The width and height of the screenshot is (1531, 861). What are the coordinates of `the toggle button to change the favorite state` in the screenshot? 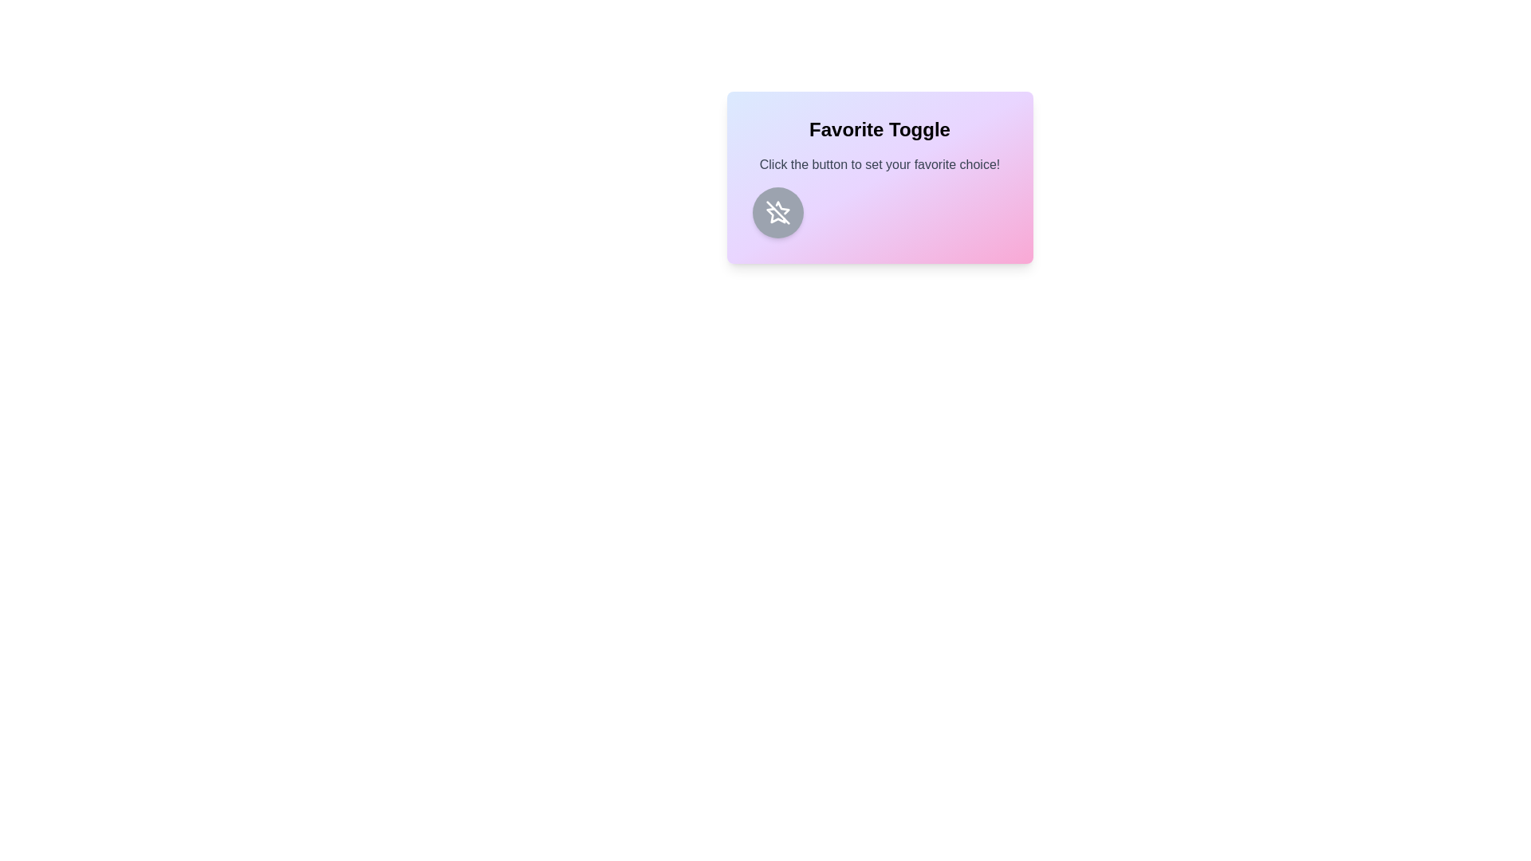 It's located at (777, 211).